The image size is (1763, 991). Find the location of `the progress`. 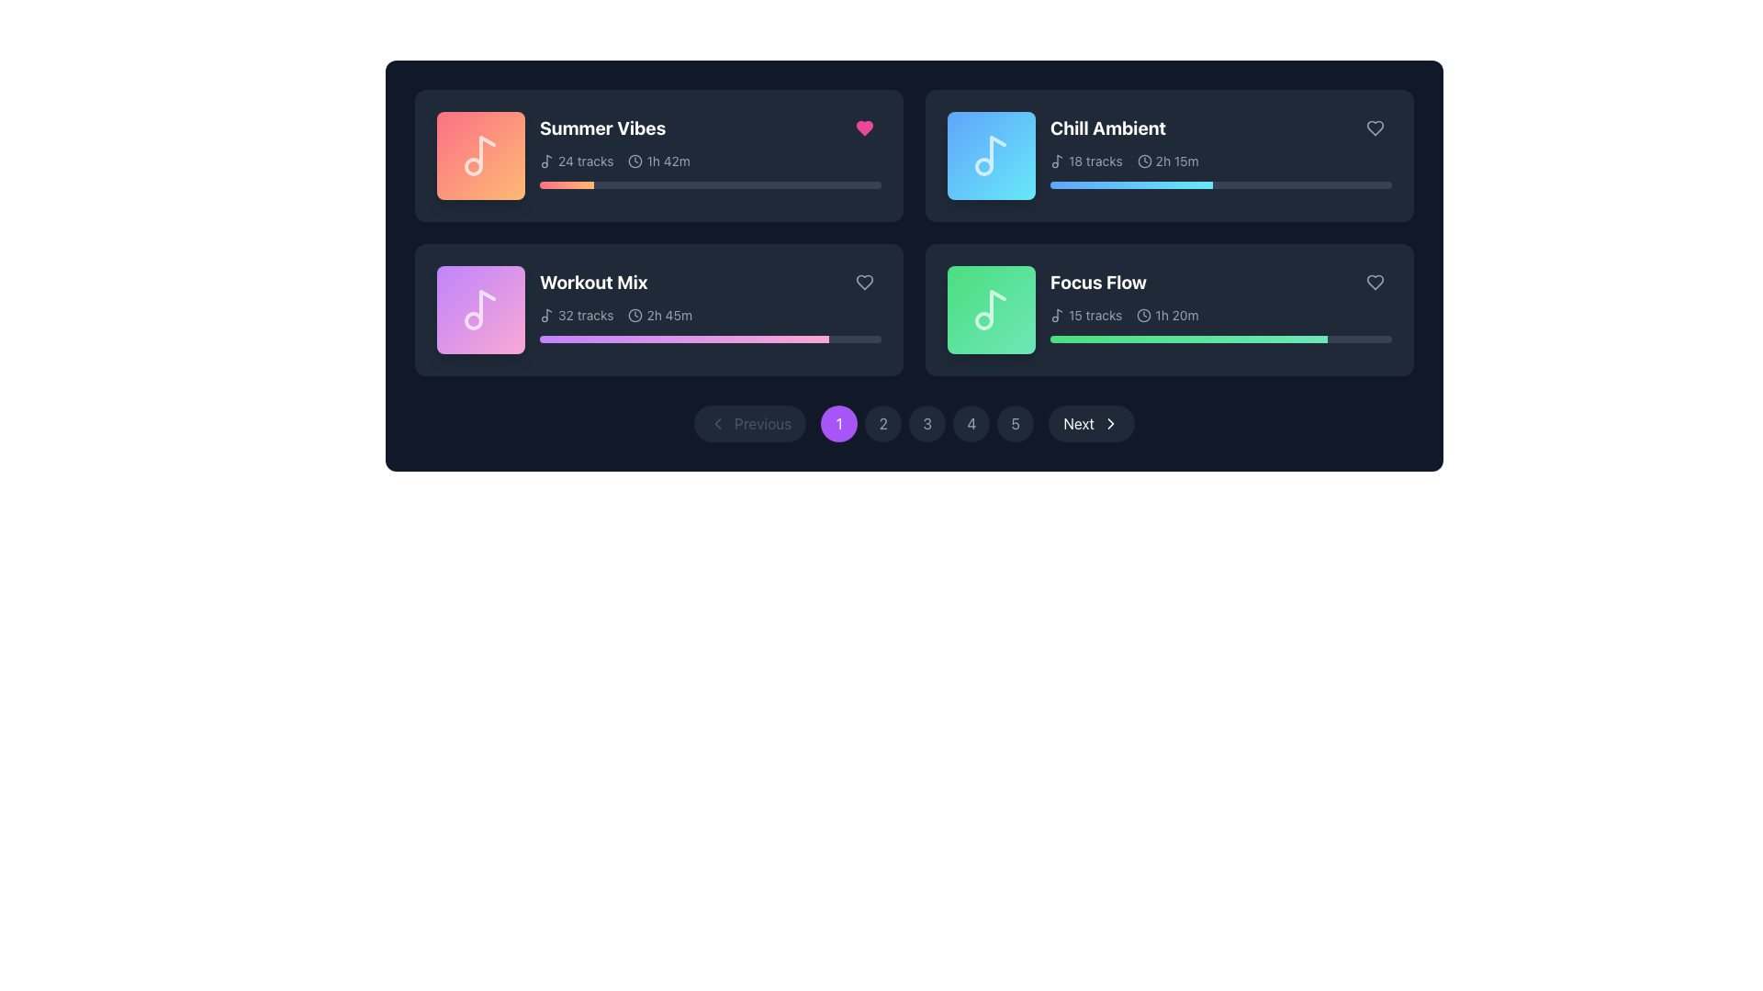

the progress is located at coordinates (556, 184).